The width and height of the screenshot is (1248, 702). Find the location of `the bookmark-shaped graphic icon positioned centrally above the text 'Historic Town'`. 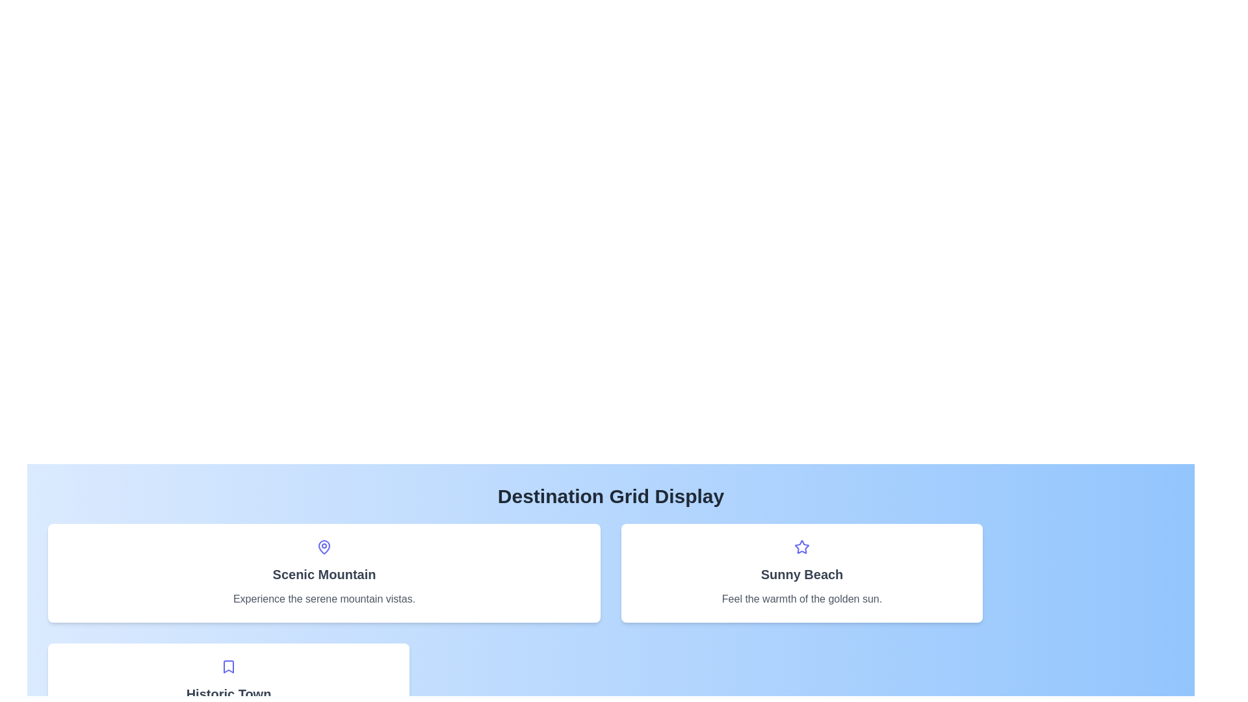

the bookmark-shaped graphic icon positioned centrally above the text 'Historic Town' is located at coordinates (228, 667).